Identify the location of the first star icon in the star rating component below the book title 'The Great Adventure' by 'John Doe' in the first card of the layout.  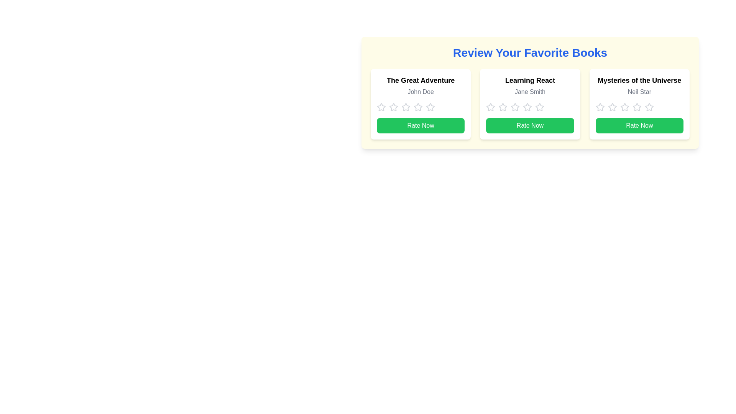
(381, 107).